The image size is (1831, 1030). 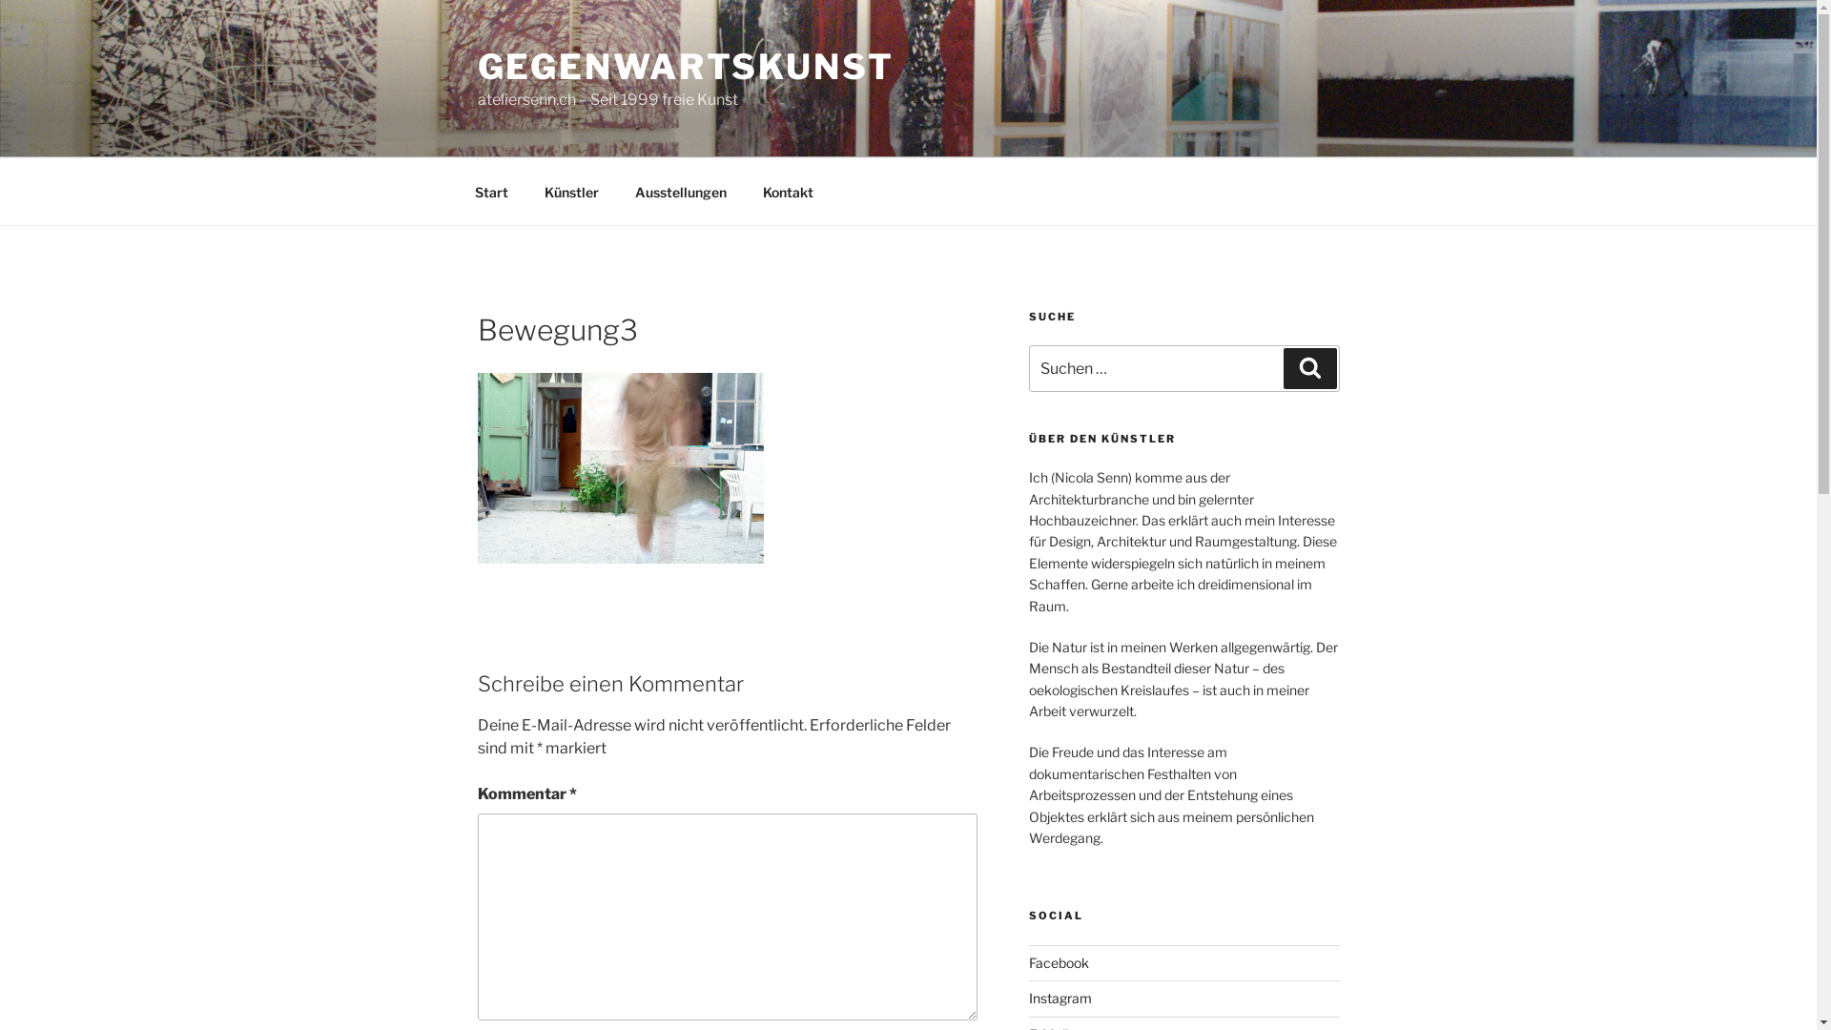 What do you see at coordinates (685, 65) in the screenshot?
I see `'GEGENWARTSKUNST'` at bounding box center [685, 65].